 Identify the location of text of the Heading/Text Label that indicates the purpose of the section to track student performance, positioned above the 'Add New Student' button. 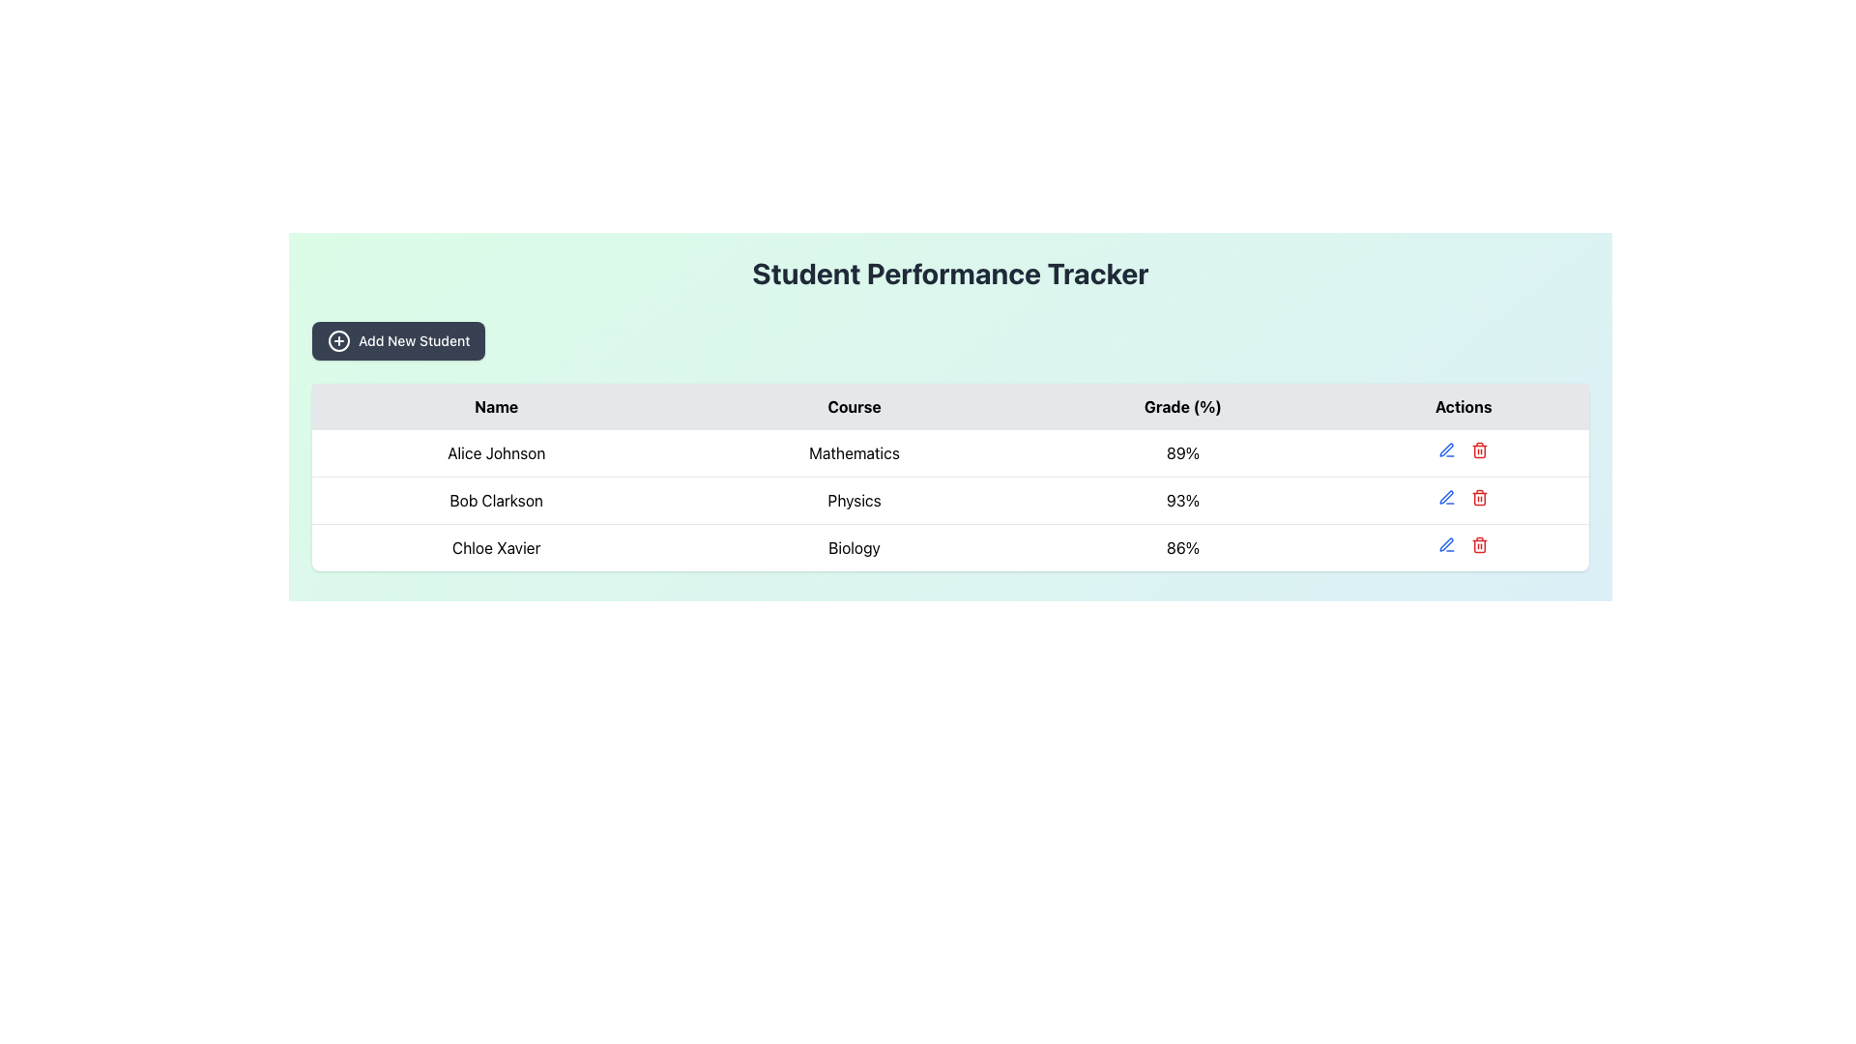
(950, 273).